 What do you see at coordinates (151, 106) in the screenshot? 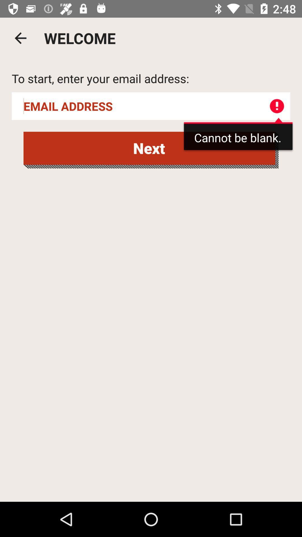
I see `the email address` at bounding box center [151, 106].